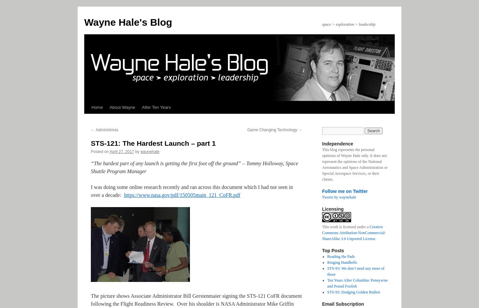 This screenshot has width=479, height=308. What do you see at coordinates (91, 143) in the screenshot?
I see `'STS-121: The Hardest Launch – part 1'` at bounding box center [91, 143].